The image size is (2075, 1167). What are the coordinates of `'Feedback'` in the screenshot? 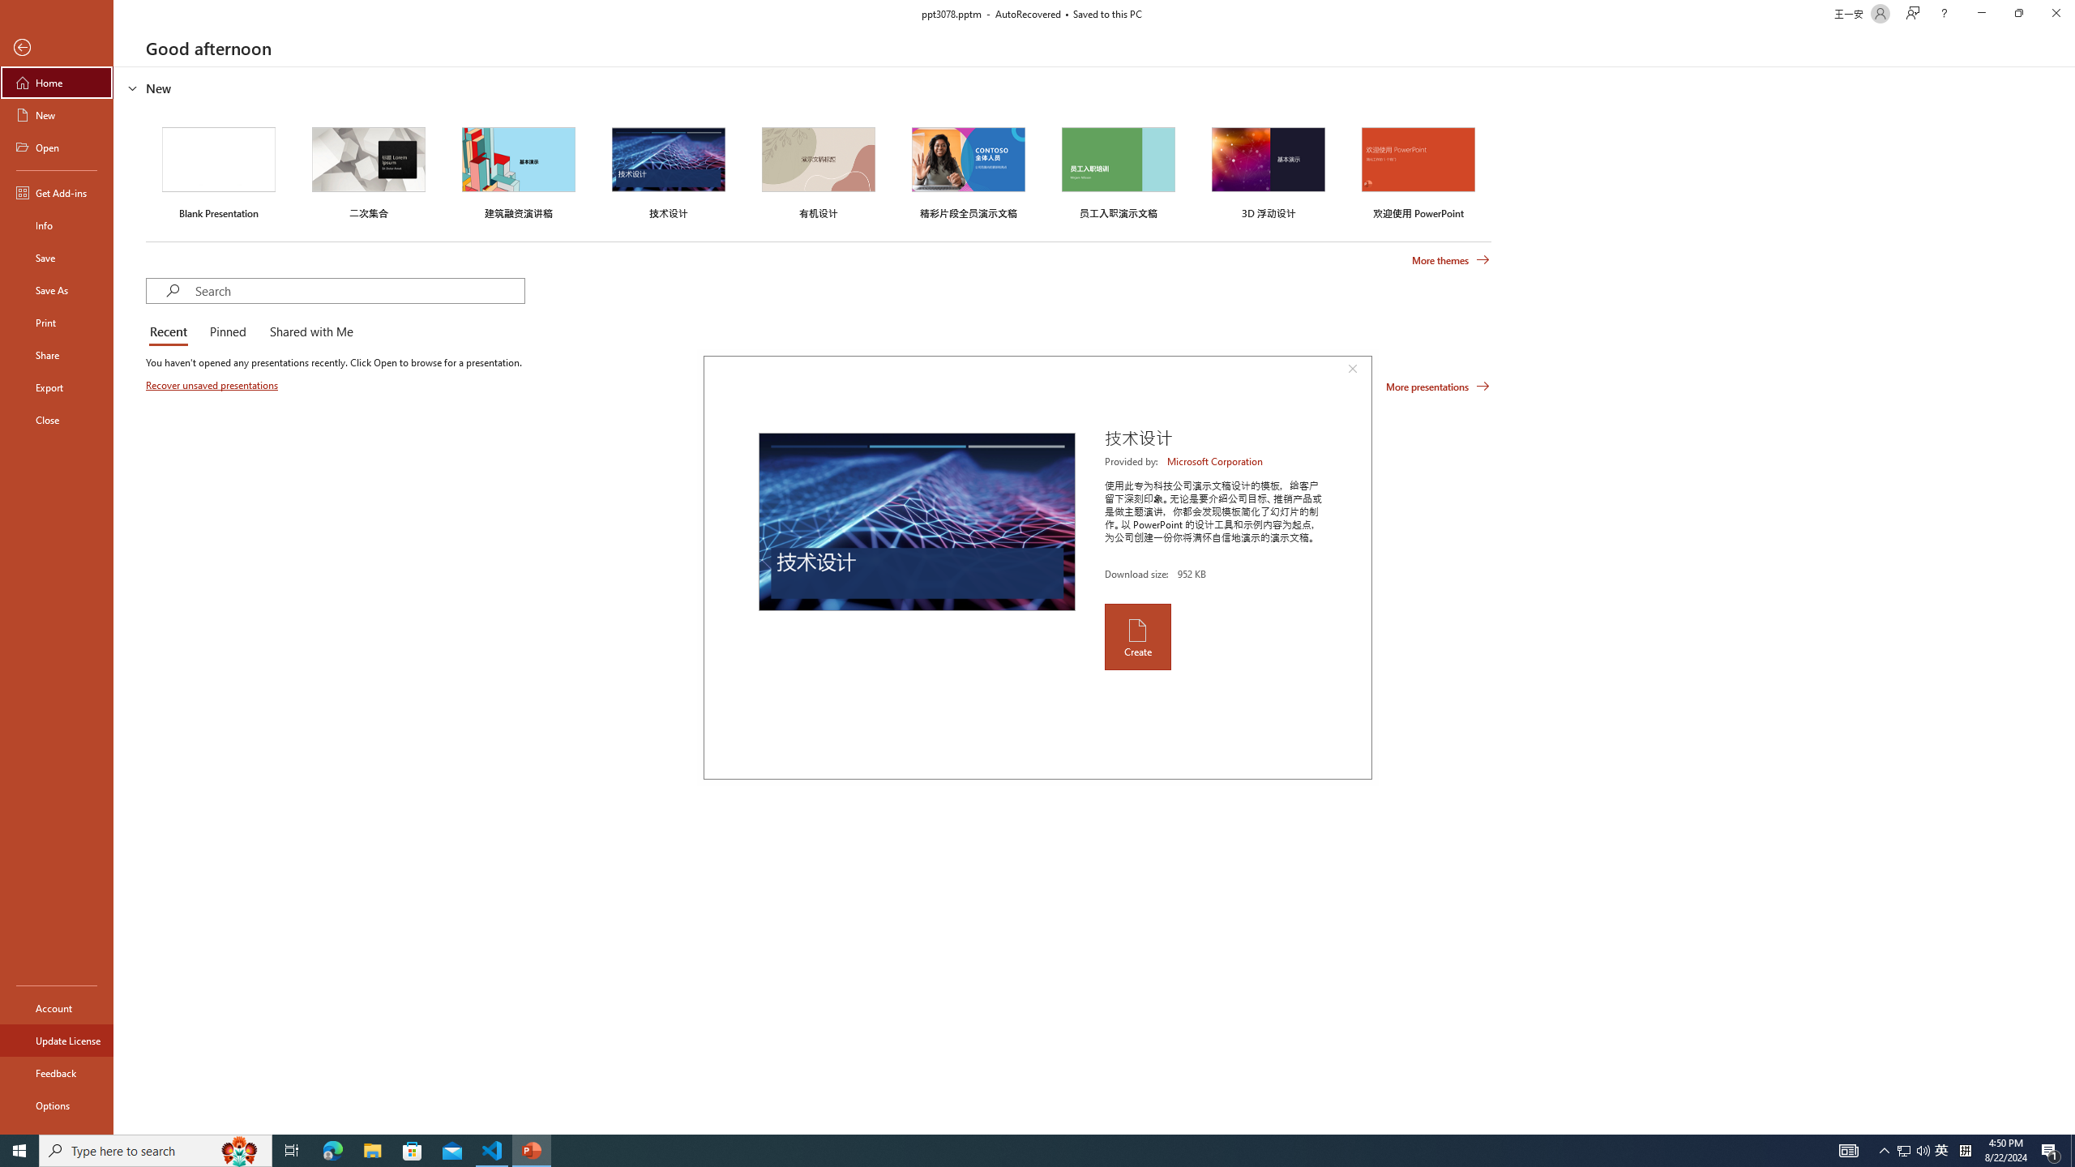 It's located at (56, 1073).